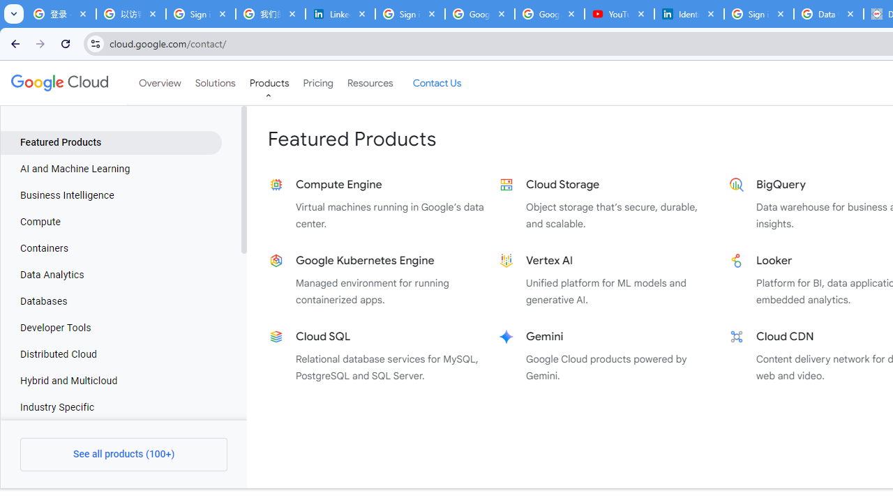 The width and height of the screenshot is (893, 502). What do you see at coordinates (110, 142) in the screenshot?
I see `'Featured Products'` at bounding box center [110, 142].